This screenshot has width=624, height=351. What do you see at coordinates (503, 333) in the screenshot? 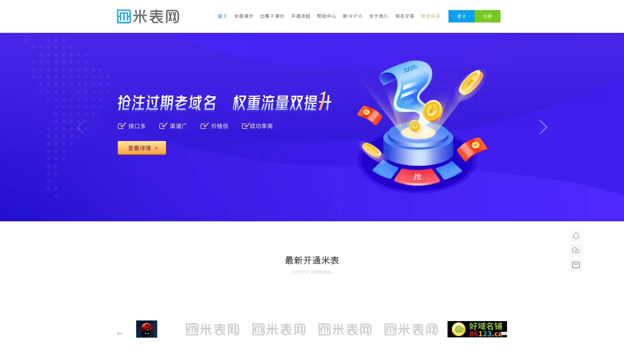
I see `Next slide` at bounding box center [503, 333].